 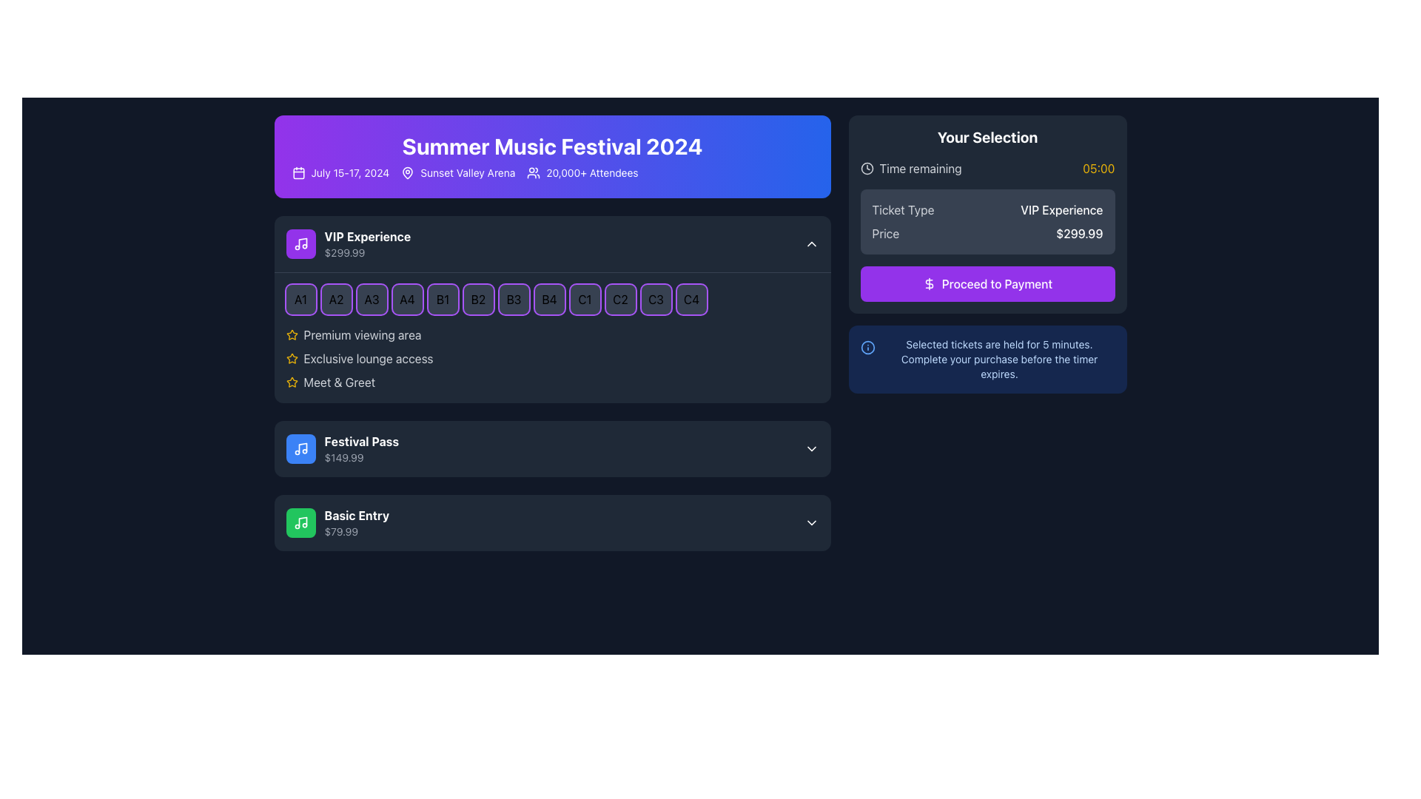 I want to click on the yellow star-shaped icon preceding the label 'Exclusive lounge access' in the 'VIP Experience' section, so click(x=292, y=359).